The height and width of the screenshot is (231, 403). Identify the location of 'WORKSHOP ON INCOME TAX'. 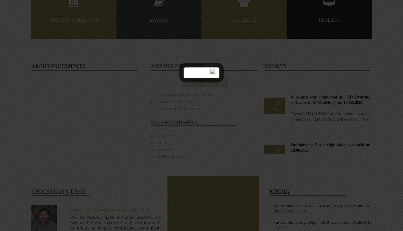
(304, 147).